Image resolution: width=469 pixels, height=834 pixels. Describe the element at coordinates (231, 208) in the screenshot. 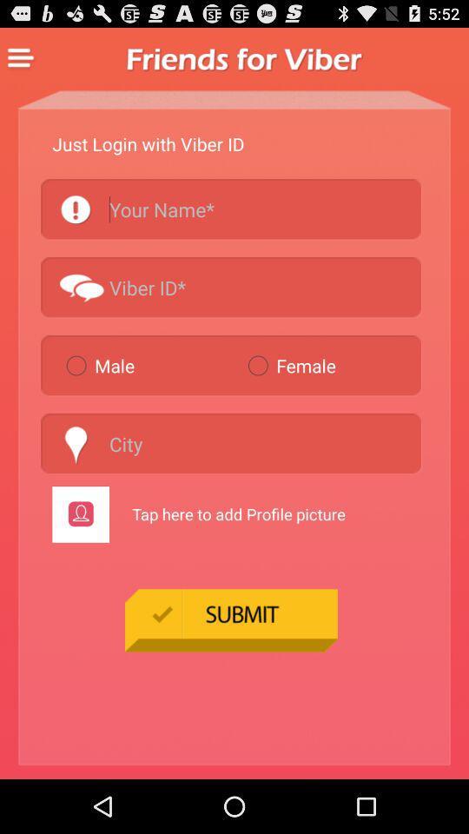

I see `search by name` at that location.